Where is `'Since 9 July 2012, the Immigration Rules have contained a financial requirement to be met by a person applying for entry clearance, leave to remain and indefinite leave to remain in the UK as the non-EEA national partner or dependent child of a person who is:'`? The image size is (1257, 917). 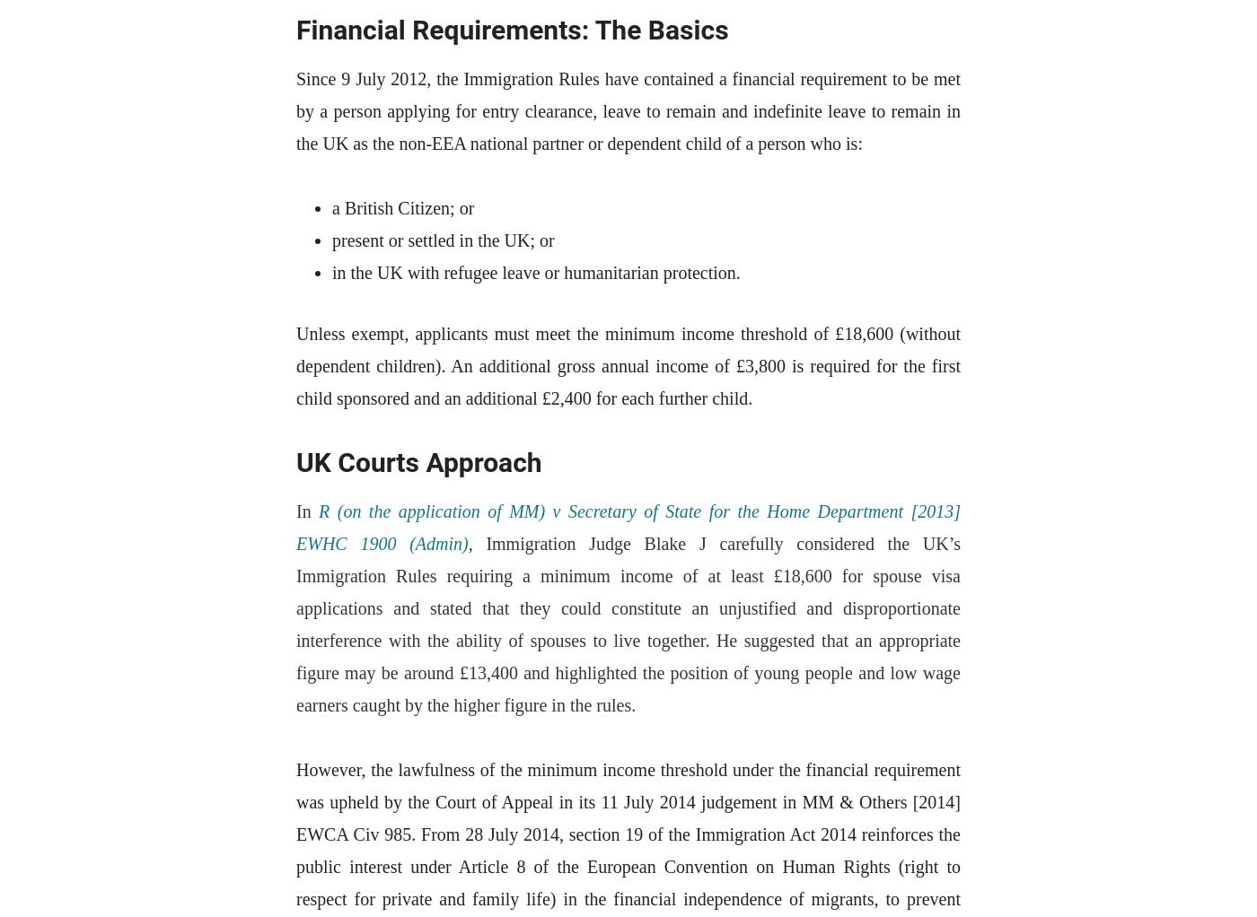 'Since 9 July 2012, the Immigration Rules have contained a financial requirement to be met by a person applying for entry clearance, leave to remain and indefinite leave to remain in the UK as the non-EEA national partner or dependent child of a person who is:' is located at coordinates (628, 110).